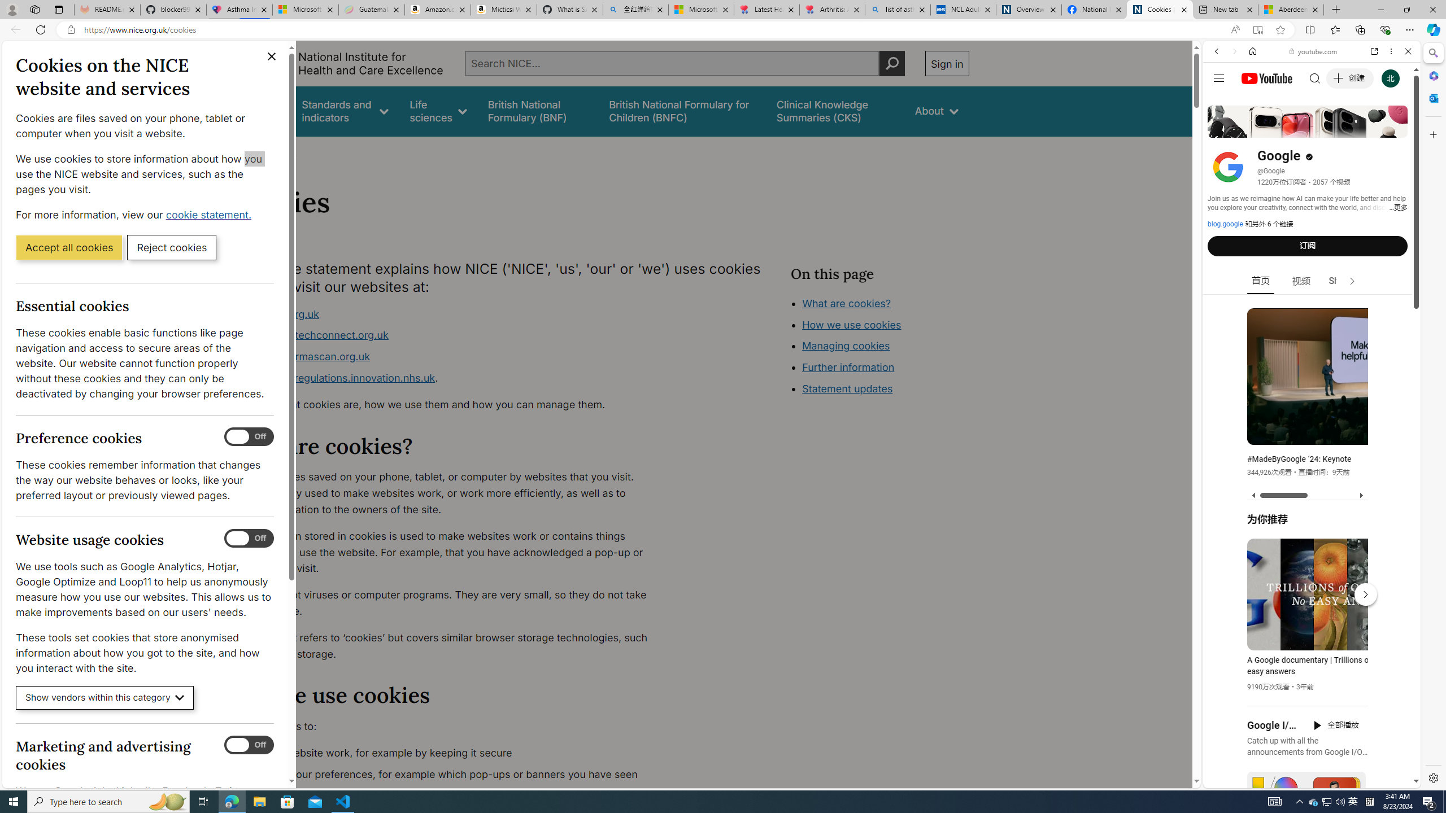 This screenshot has width=1446, height=813. Describe the element at coordinates (278, 313) in the screenshot. I see `'www.nice.org.uk'` at that location.